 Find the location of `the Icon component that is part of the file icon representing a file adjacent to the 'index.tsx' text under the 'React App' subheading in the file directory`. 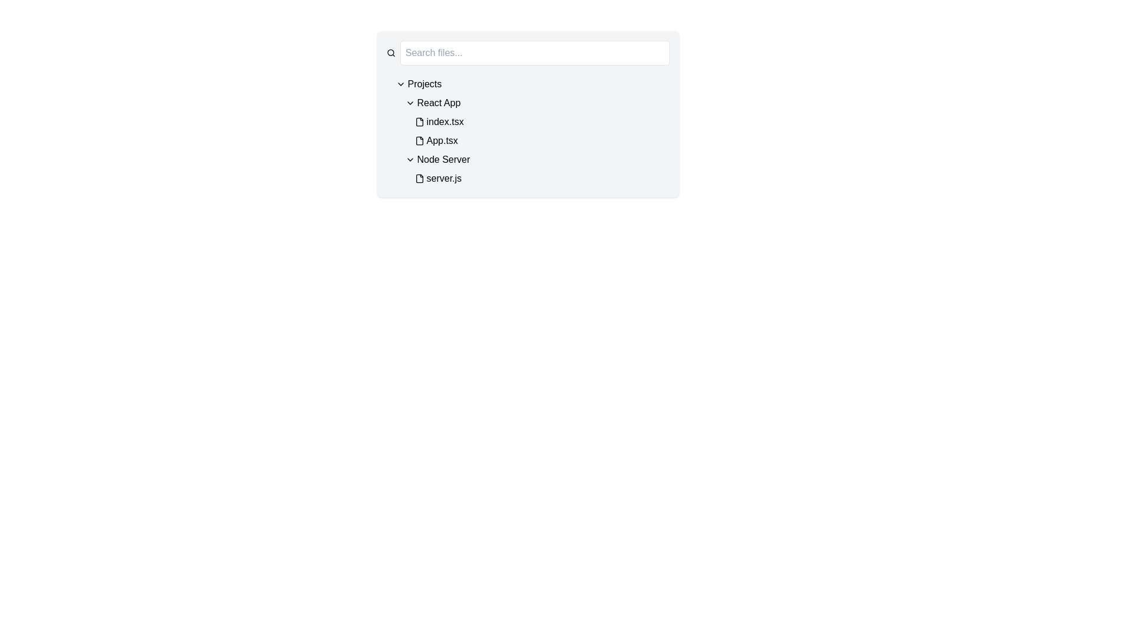

the Icon component that is part of the file icon representing a file adjacent to the 'index.tsx' text under the 'React App' subheading in the file directory is located at coordinates (419, 122).